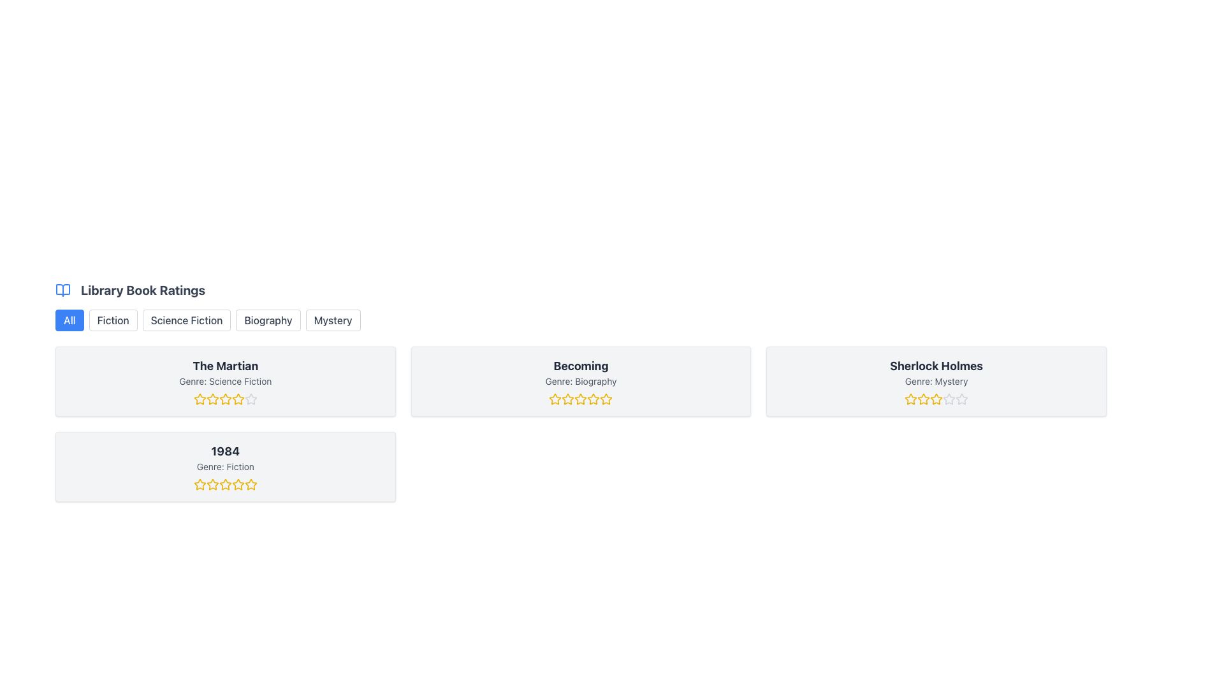 This screenshot has height=688, width=1224. What do you see at coordinates (910, 399) in the screenshot?
I see `the second star icon for rating in the 'Sherlock Holmes' book card` at bounding box center [910, 399].